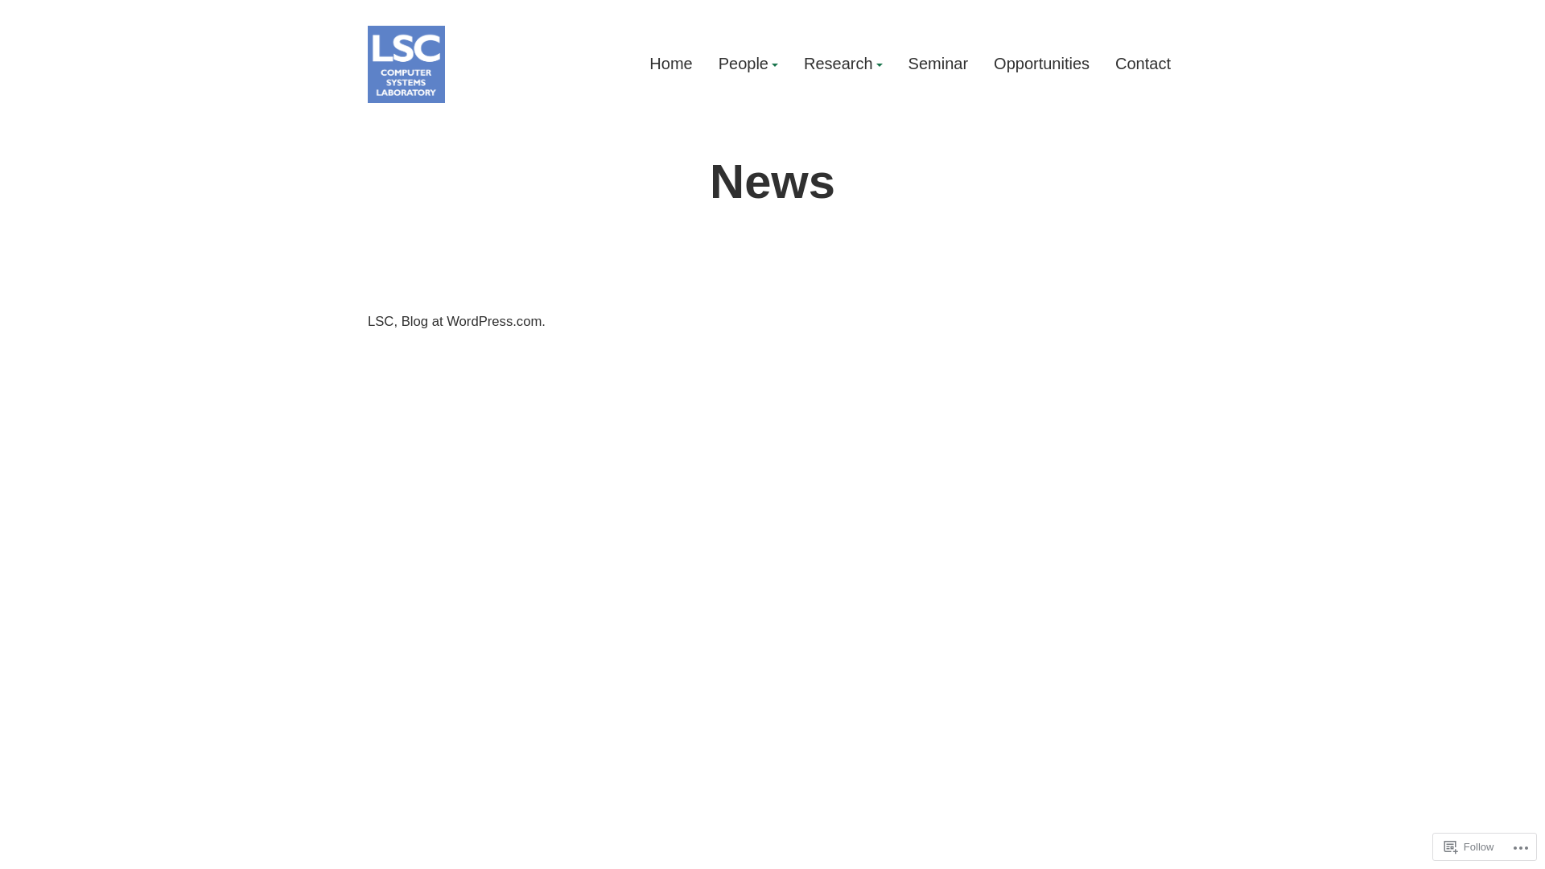 The width and height of the screenshot is (1545, 869). What do you see at coordinates (402, 321) in the screenshot?
I see `'Blog at WordPress.com.'` at bounding box center [402, 321].